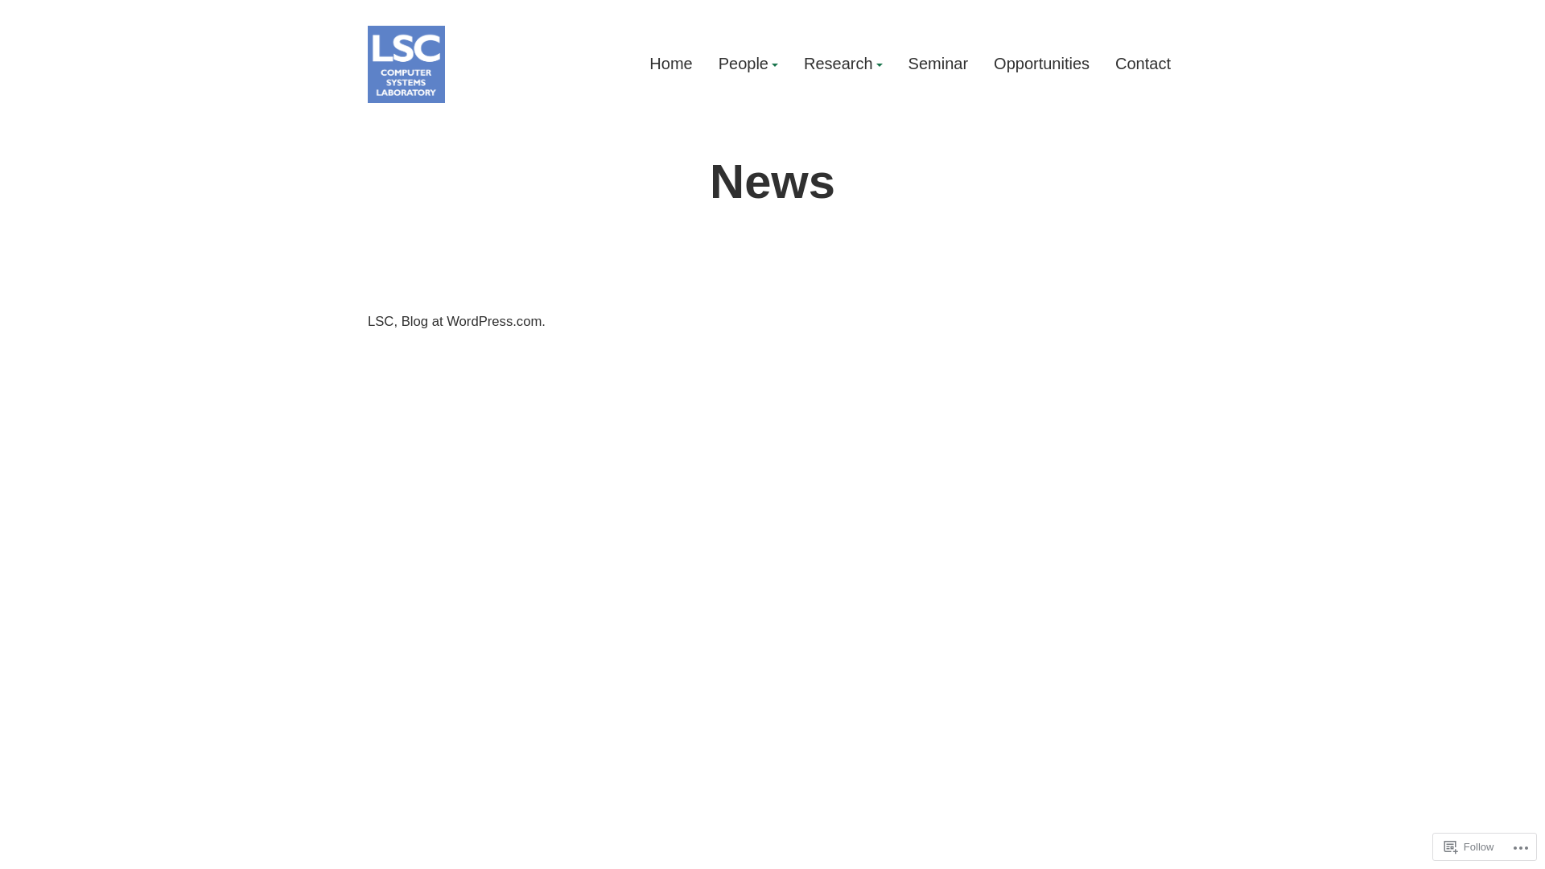 The width and height of the screenshot is (1545, 869). What do you see at coordinates (402, 321) in the screenshot?
I see `'Blog at WordPress.com.'` at bounding box center [402, 321].